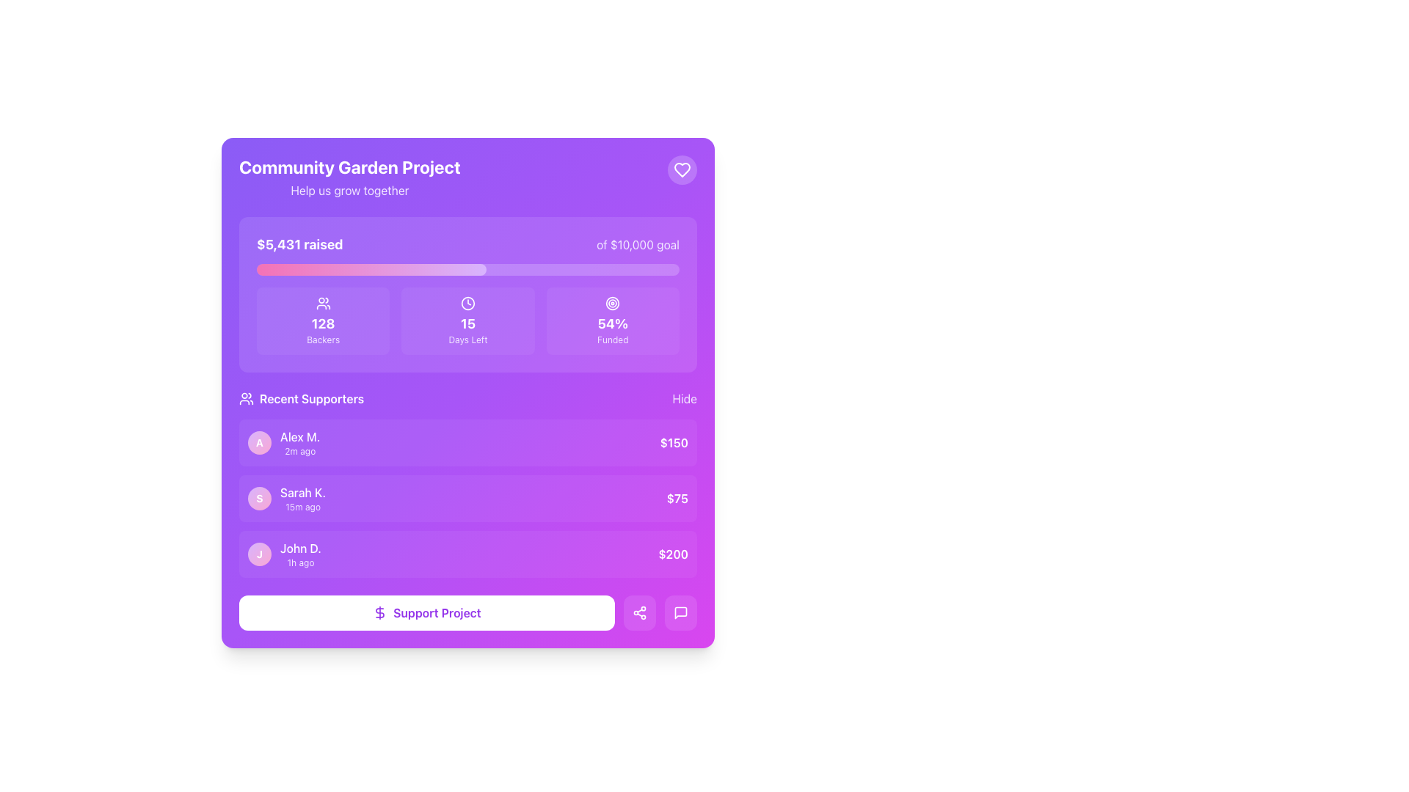 This screenshot has height=792, width=1409. Describe the element at coordinates (682, 169) in the screenshot. I see `the 'like' icon located in the top-right corner of the purple card-like section` at that location.